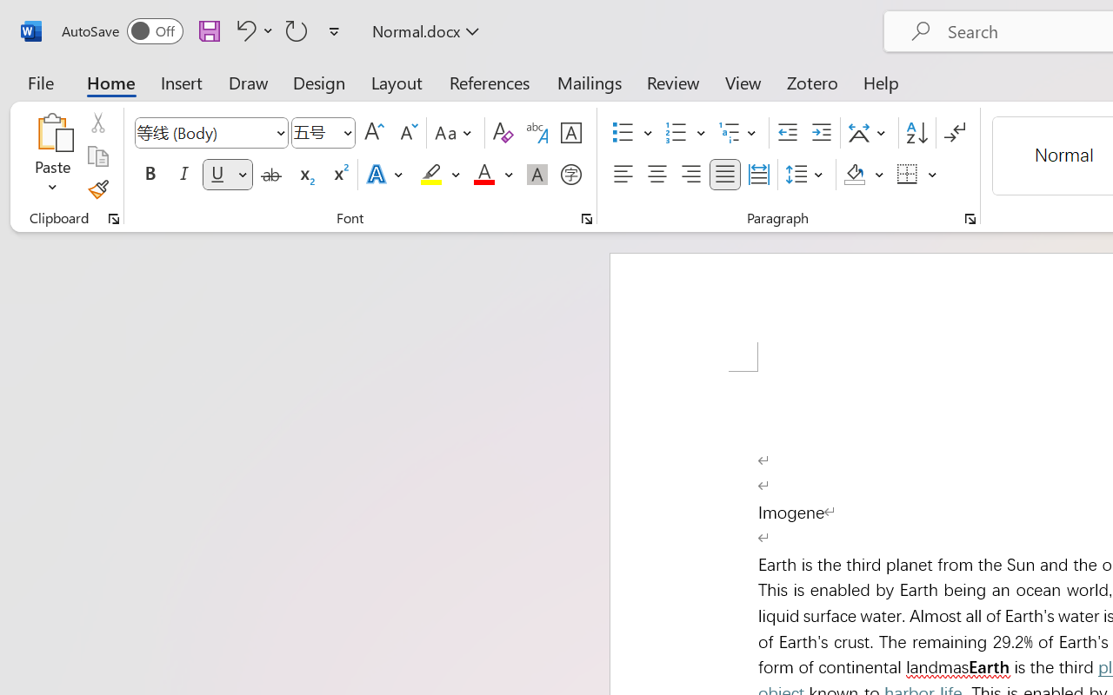 This screenshot has width=1113, height=695. Describe the element at coordinates (243, 30) in the screenshot. I see `'Undo Paste Destination Formatting'` at that location.